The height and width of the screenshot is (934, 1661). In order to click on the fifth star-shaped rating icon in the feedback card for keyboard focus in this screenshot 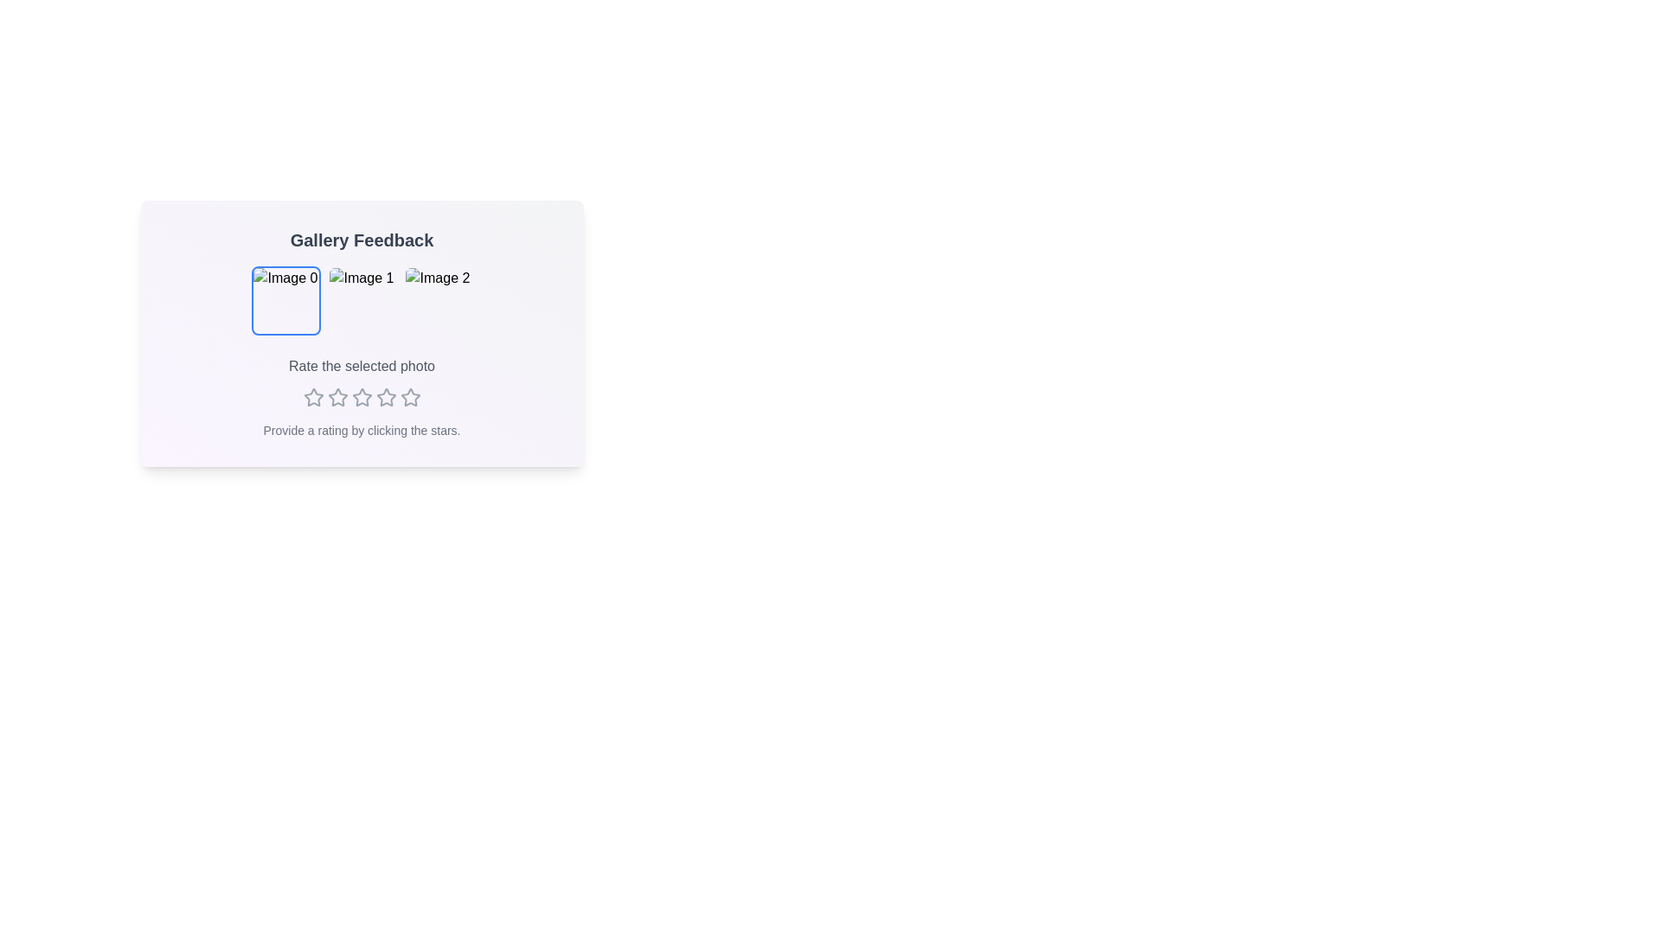, I will do `click(409, 397)`.